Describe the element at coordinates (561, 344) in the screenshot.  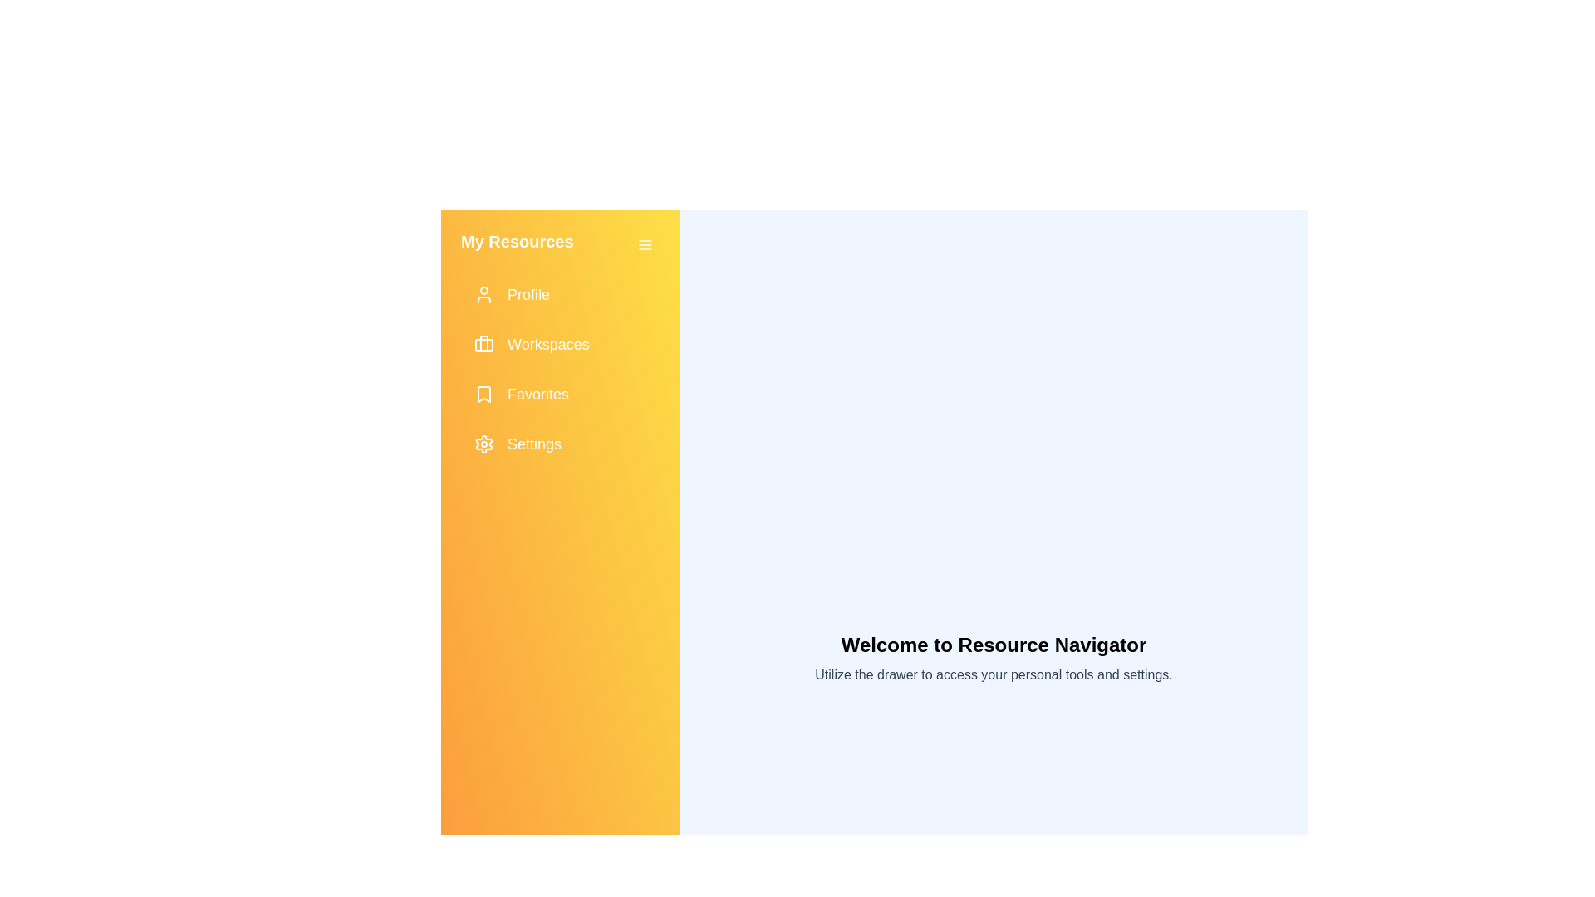
I see `the 'Workspaces' button to navigate to the Workspaces section` at that location.